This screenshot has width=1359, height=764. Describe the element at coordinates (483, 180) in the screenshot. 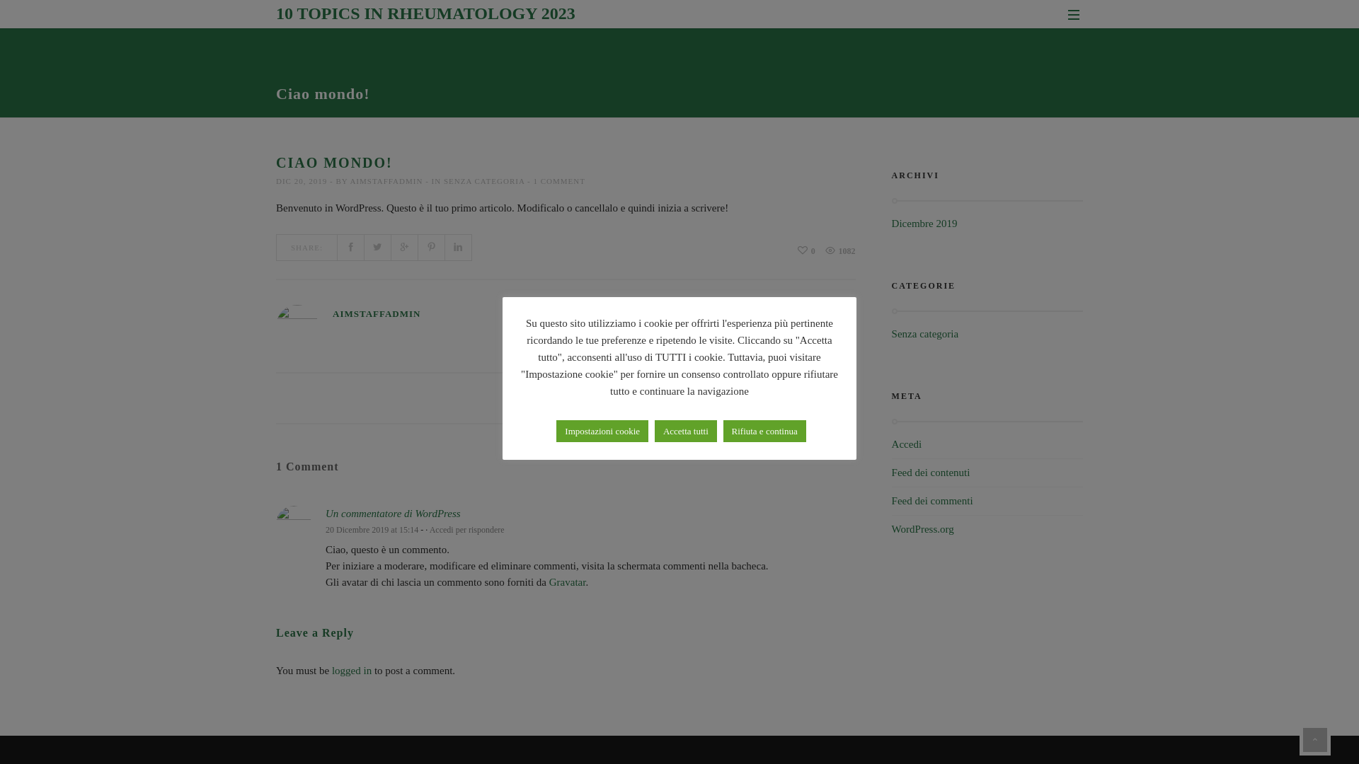

I see `'SENZA CATEGORIA'` at that location.